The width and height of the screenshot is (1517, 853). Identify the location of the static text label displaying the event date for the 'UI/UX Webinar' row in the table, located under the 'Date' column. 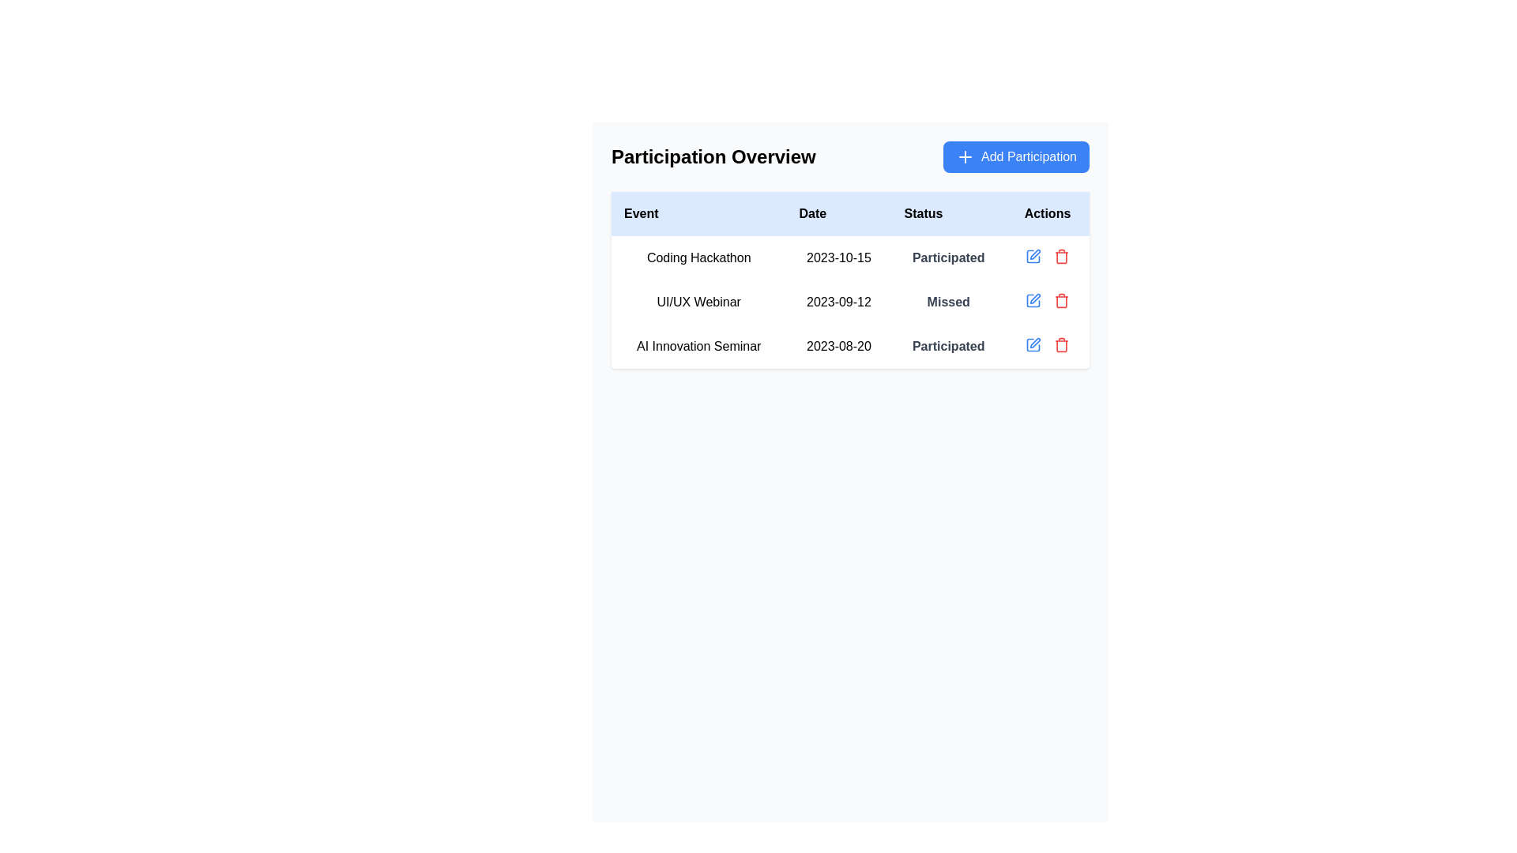
(838, 302).